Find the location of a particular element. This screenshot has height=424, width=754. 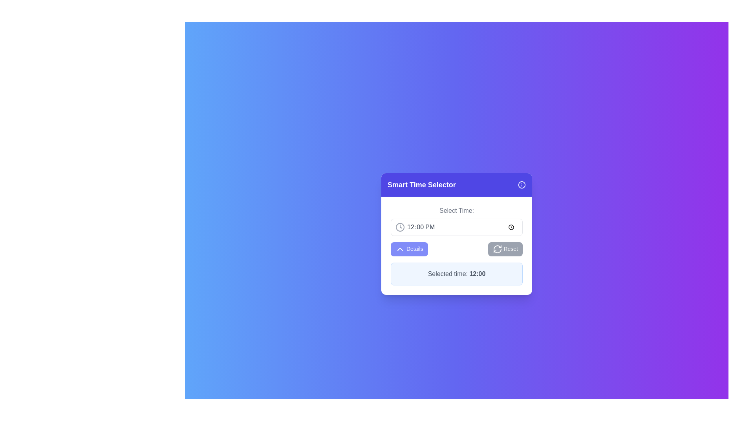

the Informational icon, a circular blue icon with a white outline and an exclamation mark, located in the top-right corner of the purple header beside 'Smart Time Selector' is located at coordinates (522, 185).